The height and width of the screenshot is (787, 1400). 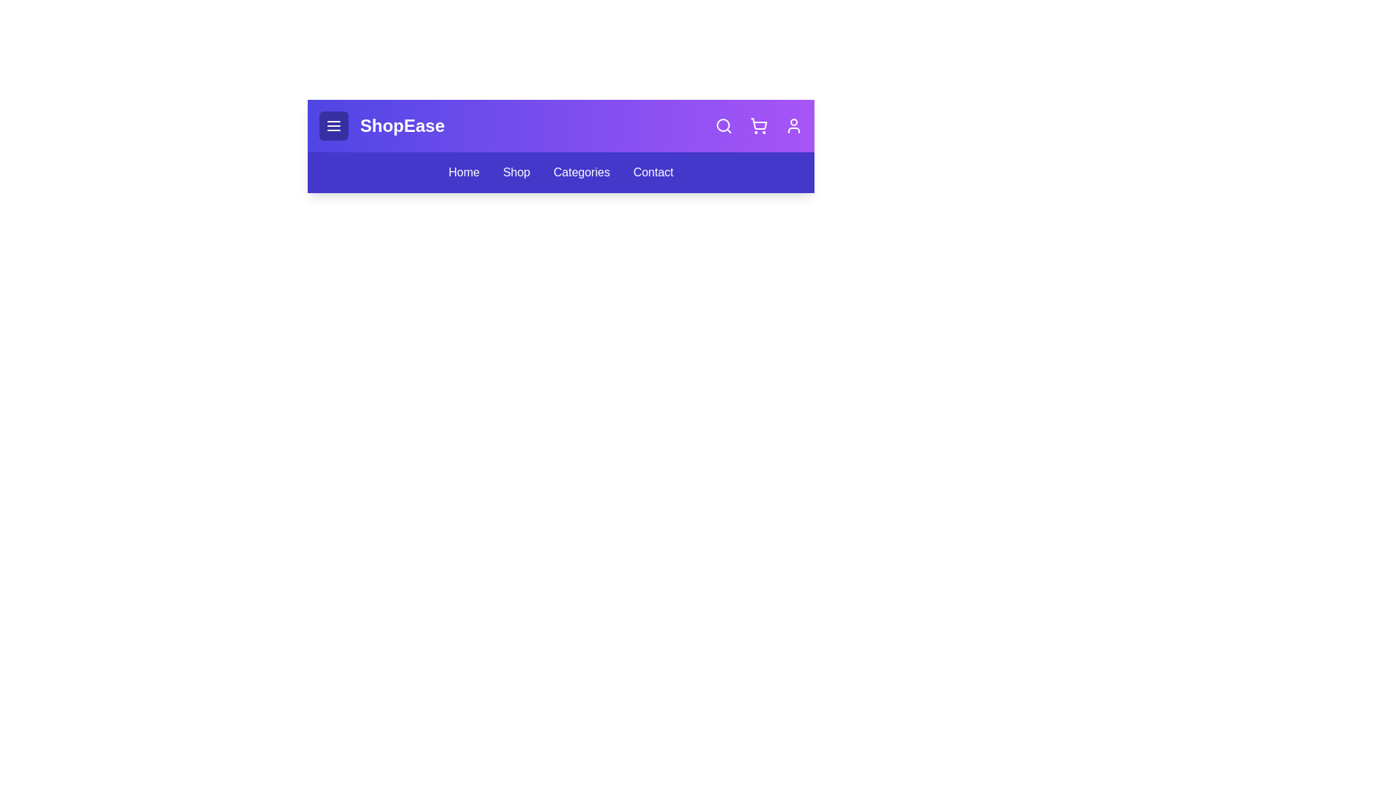 I want to click on the navigation link Home, so click(x=462, y=171).